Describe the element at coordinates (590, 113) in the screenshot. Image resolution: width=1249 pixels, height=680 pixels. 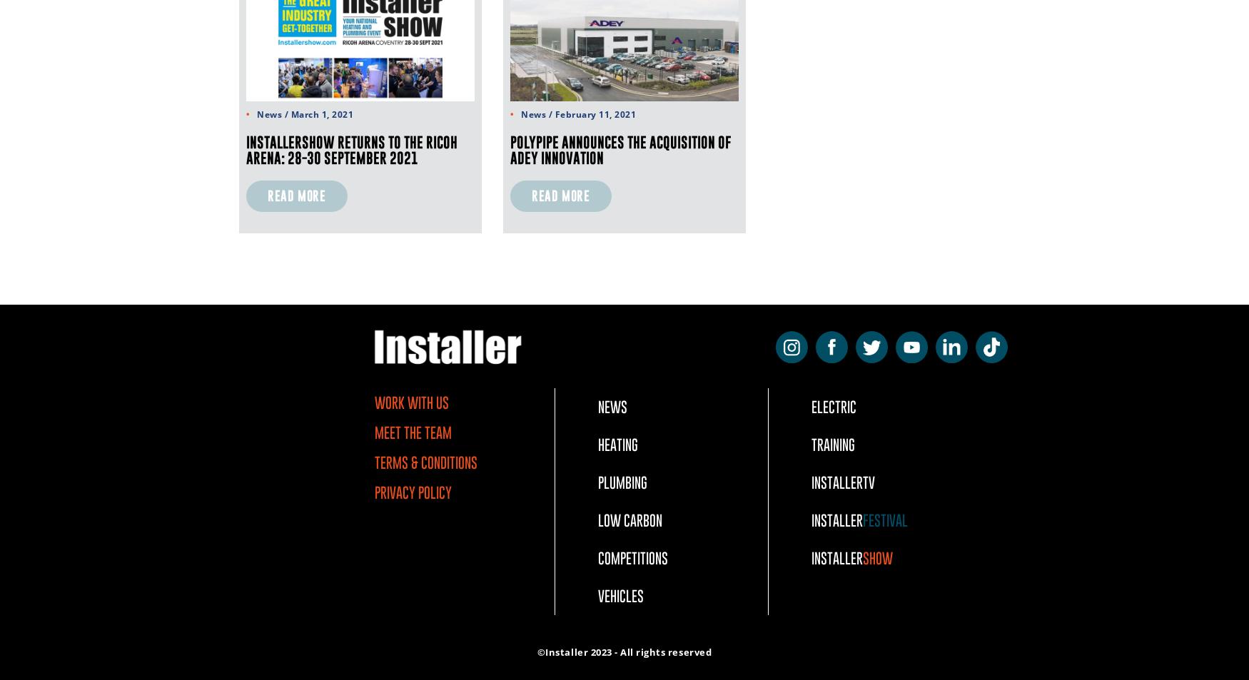
I see `'/ February 11, 2021'` at that location.